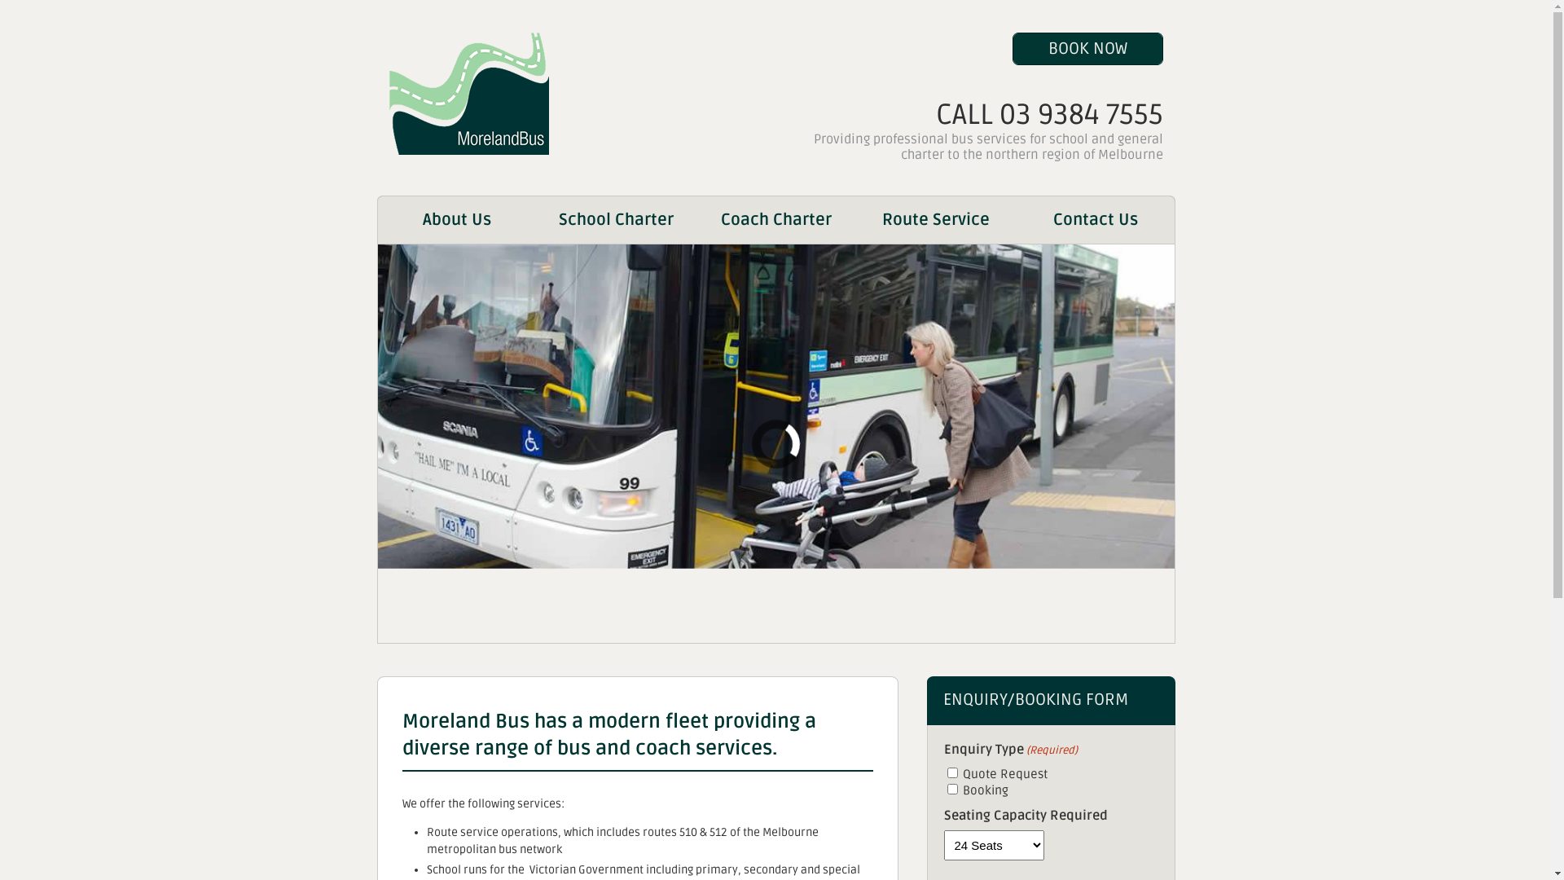 The width and height of the screenshot is (1564, 880). Describe the element at coordinates (774, 220) in the screenshot. I see `'Coach Charter'` at that location.